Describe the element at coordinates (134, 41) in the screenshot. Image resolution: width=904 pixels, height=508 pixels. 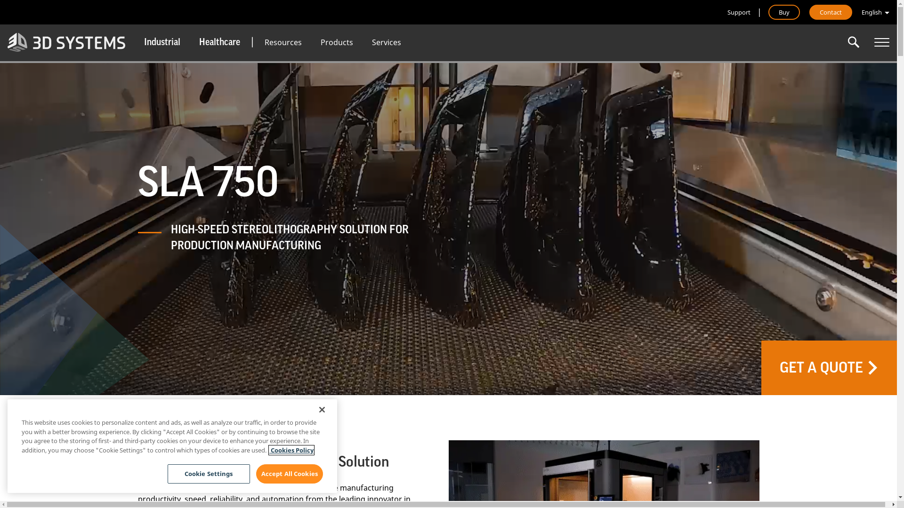
I see `'Industrial'` at that location.